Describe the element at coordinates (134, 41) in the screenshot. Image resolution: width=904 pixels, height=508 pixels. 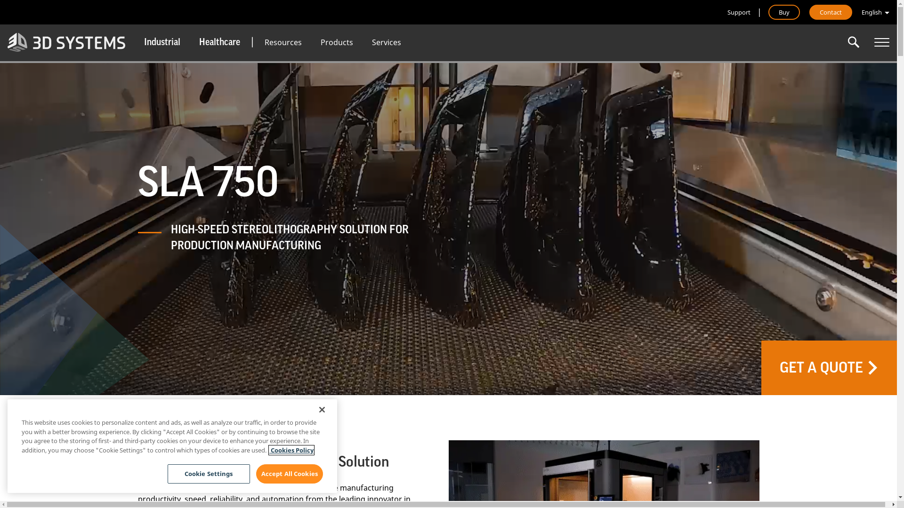
I see `'Industrial'` at that location.